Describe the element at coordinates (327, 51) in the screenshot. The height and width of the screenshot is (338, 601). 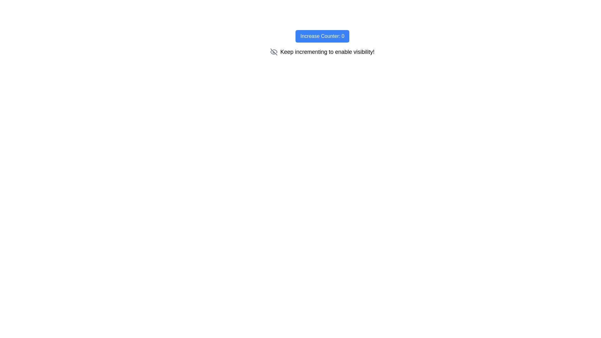
I see `the instructional text label that guides the user to increment a value related to enabling a visibility feature, located below the 'Increase Counter: 0' button and to the right of an eye icon with a strike-through` at that location.